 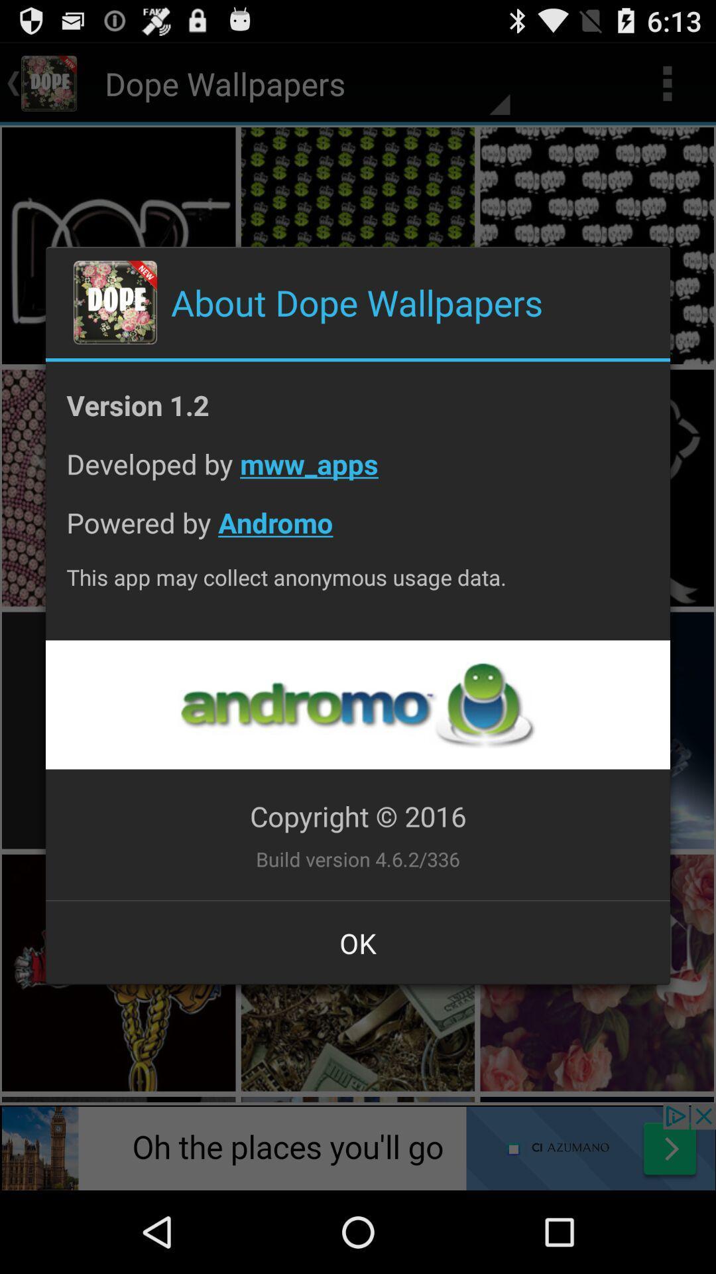 I want to click on developed by mww_apps icon, so click(x=358, y=474).